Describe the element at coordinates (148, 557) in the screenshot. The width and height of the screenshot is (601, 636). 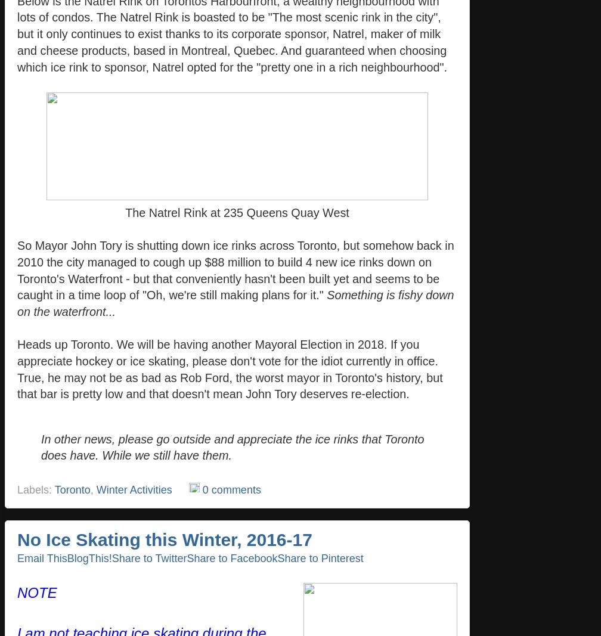
I see `'Share to Twitter'` at that location.